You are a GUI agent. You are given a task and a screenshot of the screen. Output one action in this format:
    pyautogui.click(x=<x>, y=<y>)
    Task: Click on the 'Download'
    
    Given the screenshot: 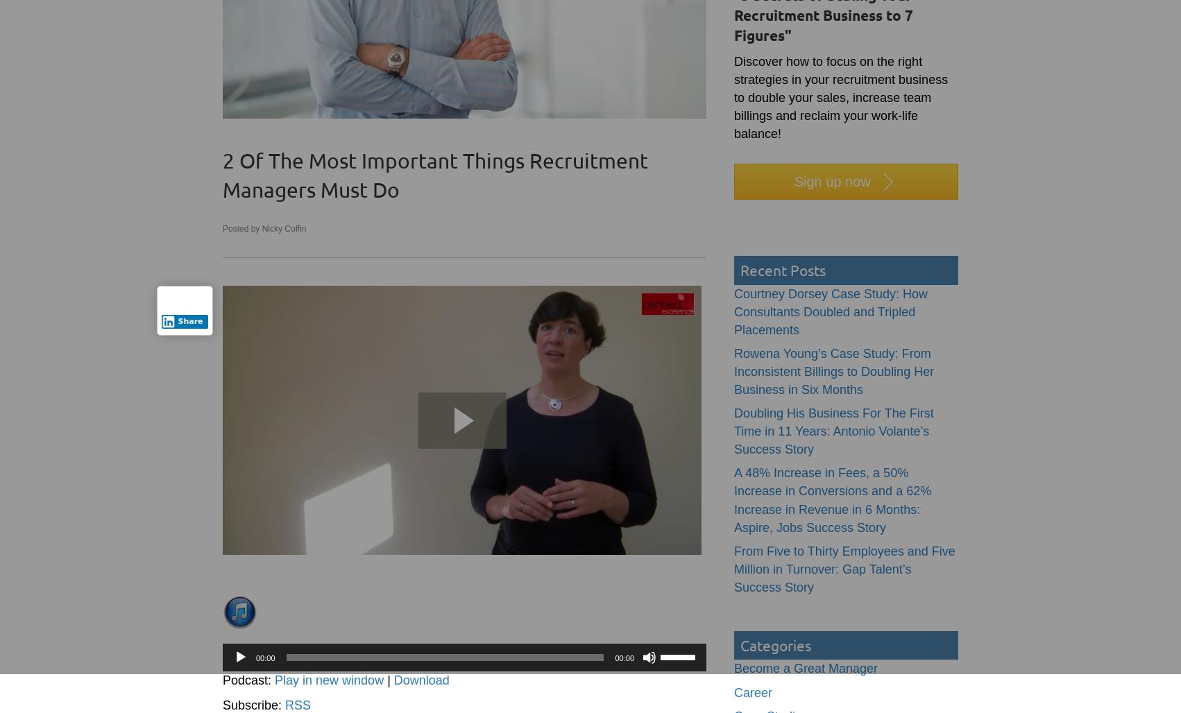 What is the action you would take?
    pyautogui.click(x=420, y=680)
    